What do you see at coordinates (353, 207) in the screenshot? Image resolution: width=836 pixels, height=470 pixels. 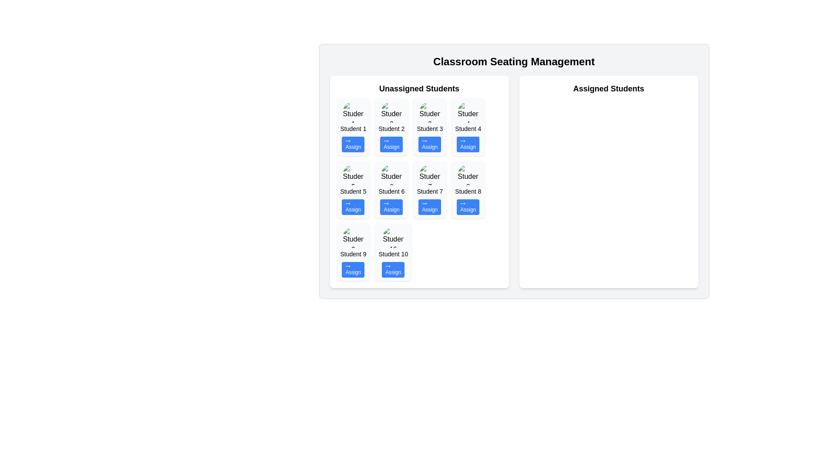 I see `the blue 'Assign' button with white text and a right arrow icon located beneath the name of 'Student 5'` at bounding box center [353, 207].